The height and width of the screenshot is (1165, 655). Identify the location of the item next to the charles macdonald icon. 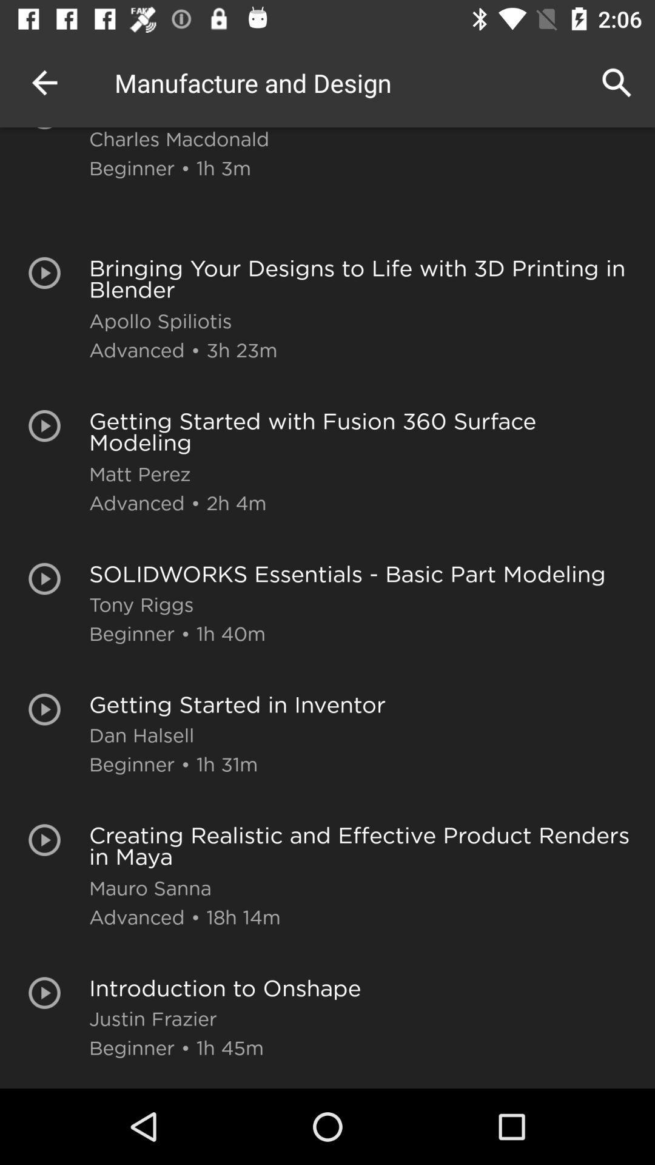
(44, 82).